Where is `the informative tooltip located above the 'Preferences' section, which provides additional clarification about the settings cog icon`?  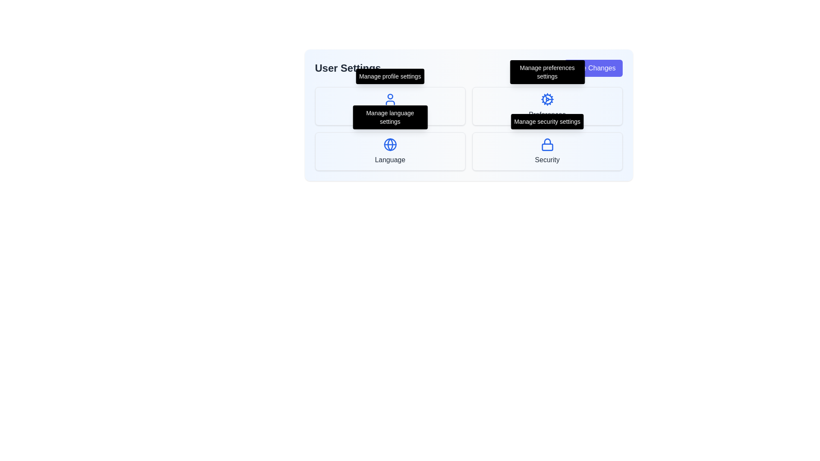
the informative tooltip located above the 'Preferences' section, which provides additional clarification about the settings cog icon is located at coordinates (547, 72).